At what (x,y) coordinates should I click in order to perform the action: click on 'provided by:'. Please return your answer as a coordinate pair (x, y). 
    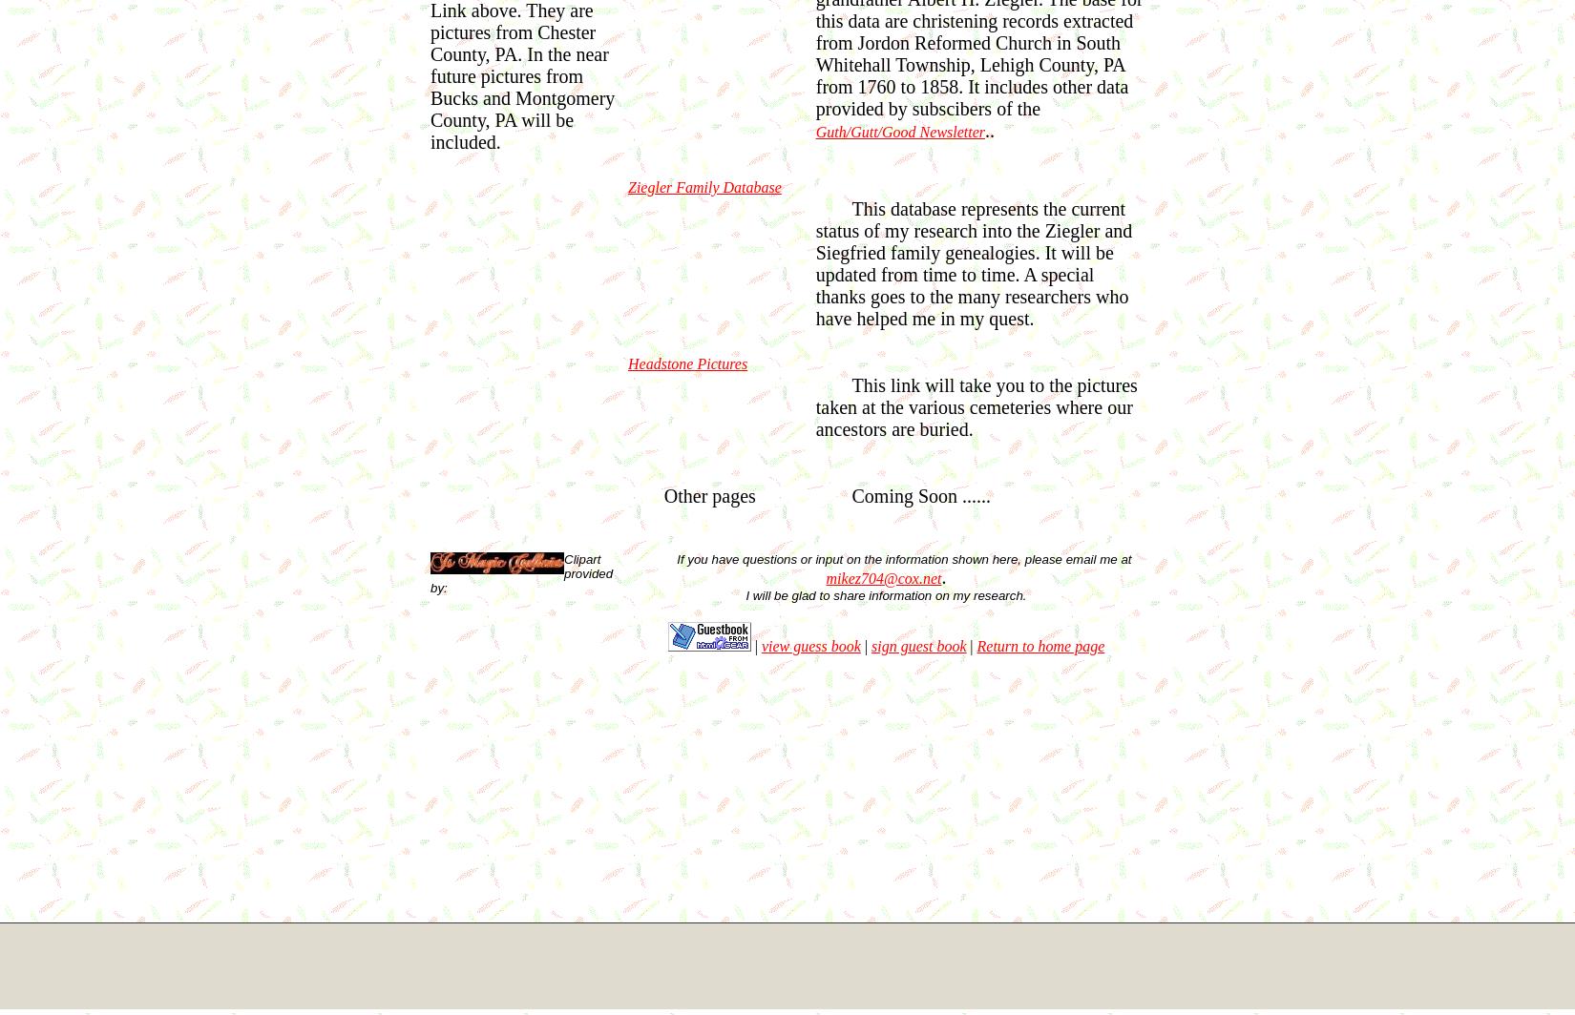
    Looking at the image, I should click on (520, 579).